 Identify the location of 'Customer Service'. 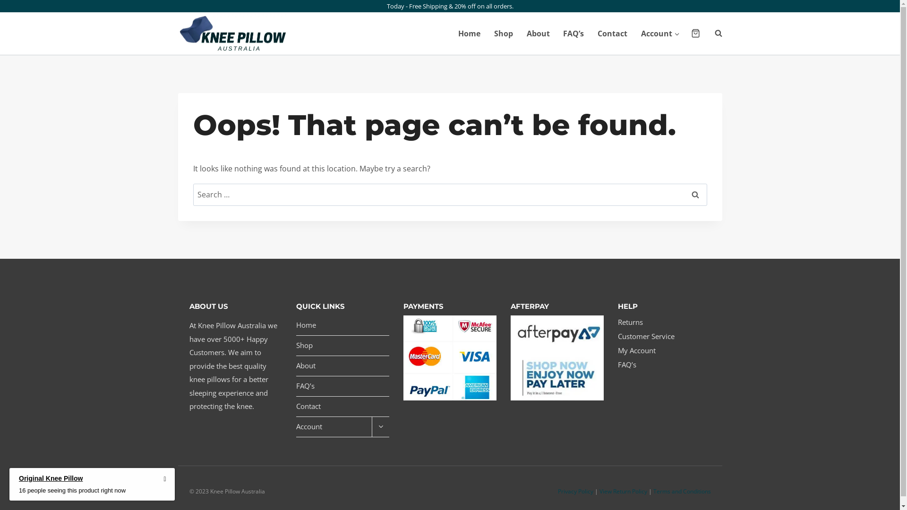
(664, 336).